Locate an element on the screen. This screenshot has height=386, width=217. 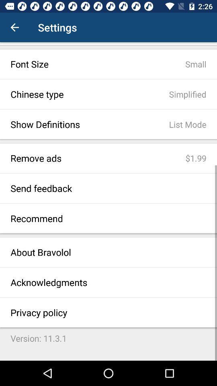
item to the left of settings icon is located at coordinates (14, 27).